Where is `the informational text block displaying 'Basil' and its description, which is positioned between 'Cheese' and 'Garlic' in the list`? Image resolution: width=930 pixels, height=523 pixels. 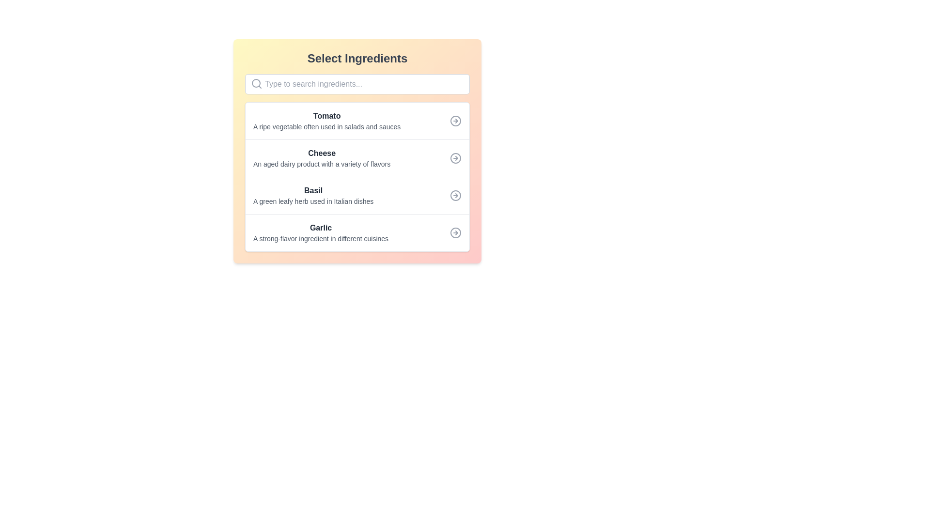 the informational text block displaying 'Basil' and its description, which is positioned between 'Cheese' and 'Garlic' in the list is located at coordinates (313, 196).